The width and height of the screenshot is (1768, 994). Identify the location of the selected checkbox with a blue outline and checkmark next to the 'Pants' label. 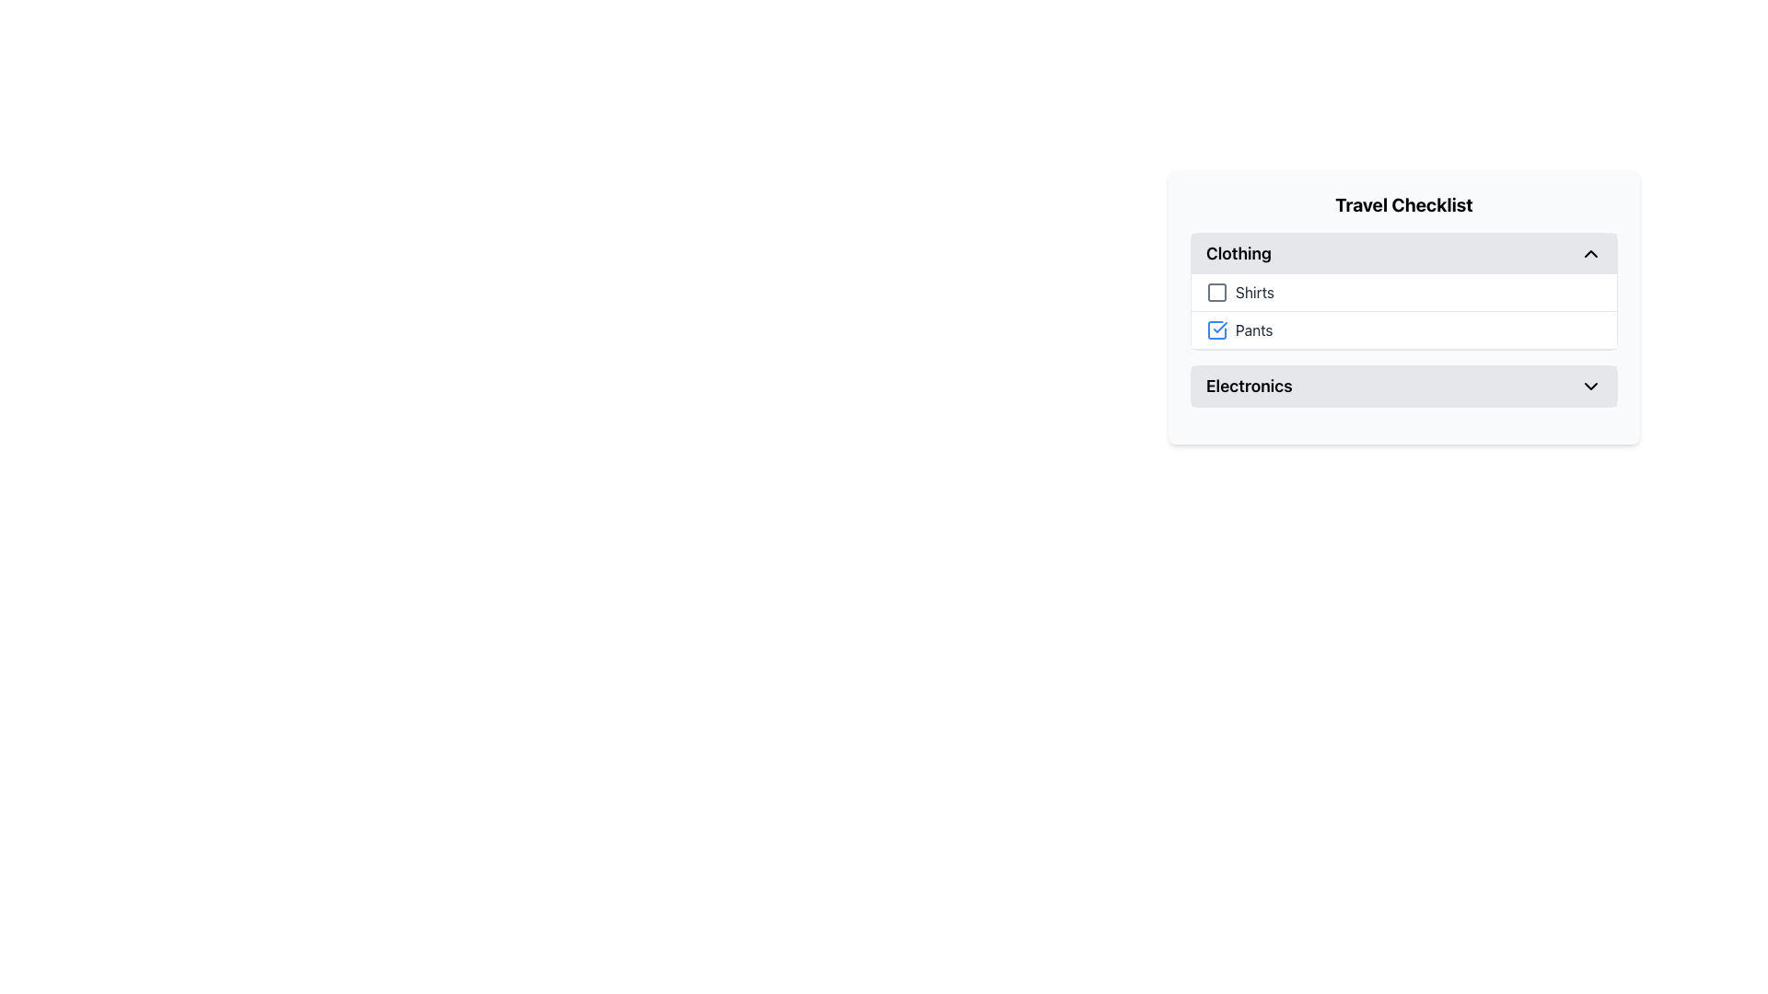
(1216, 329).